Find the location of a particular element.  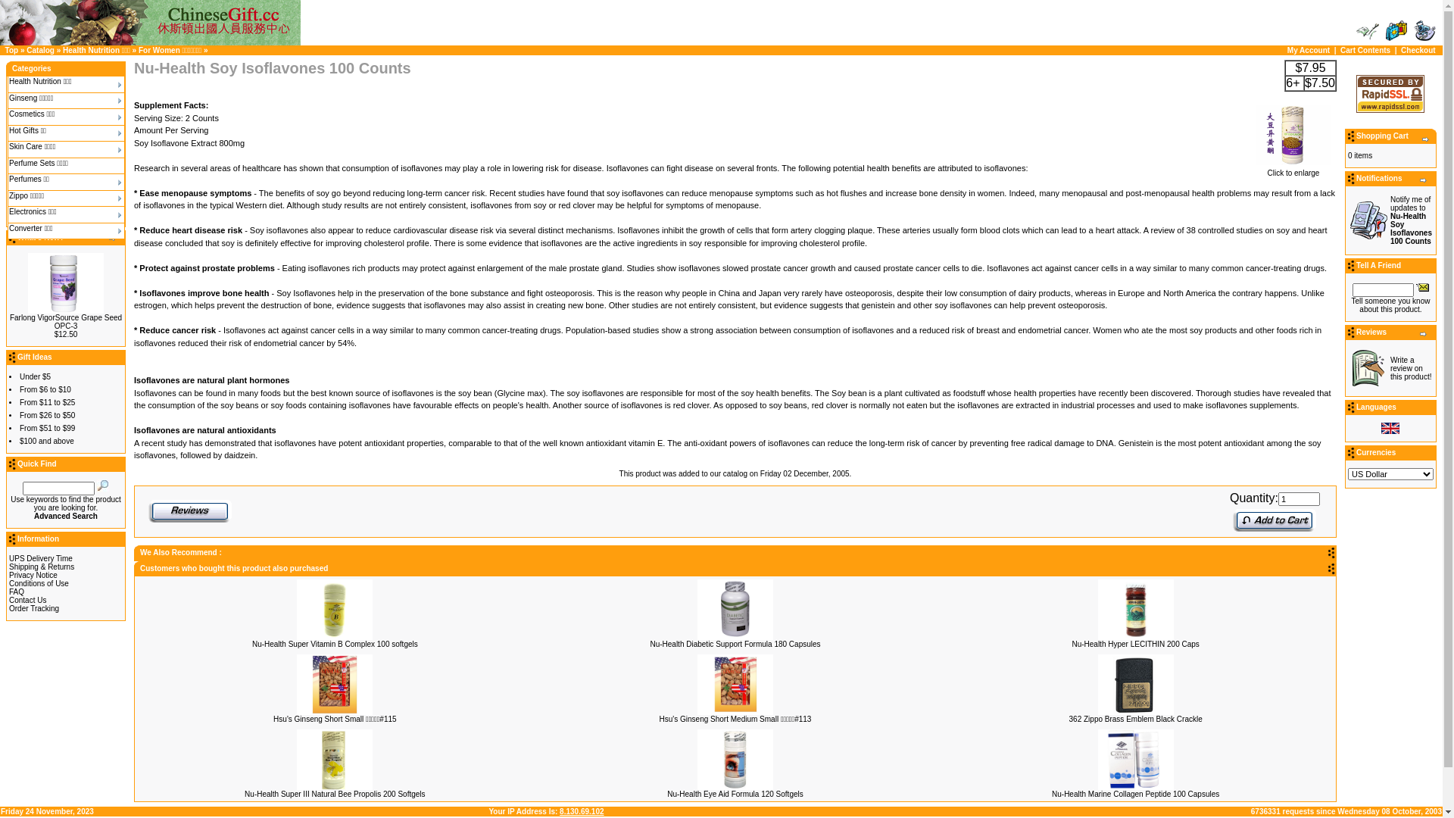

'Privacy Notice' is located at coordinates (9, 575).